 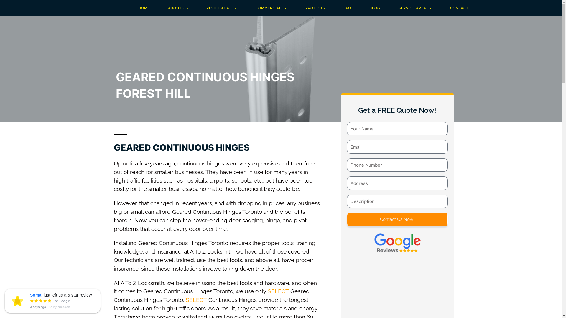 What do you see at coordinates (178, 8) in the screenshot?
I see `'ABOUT US'` at bounding box center [178, 8].